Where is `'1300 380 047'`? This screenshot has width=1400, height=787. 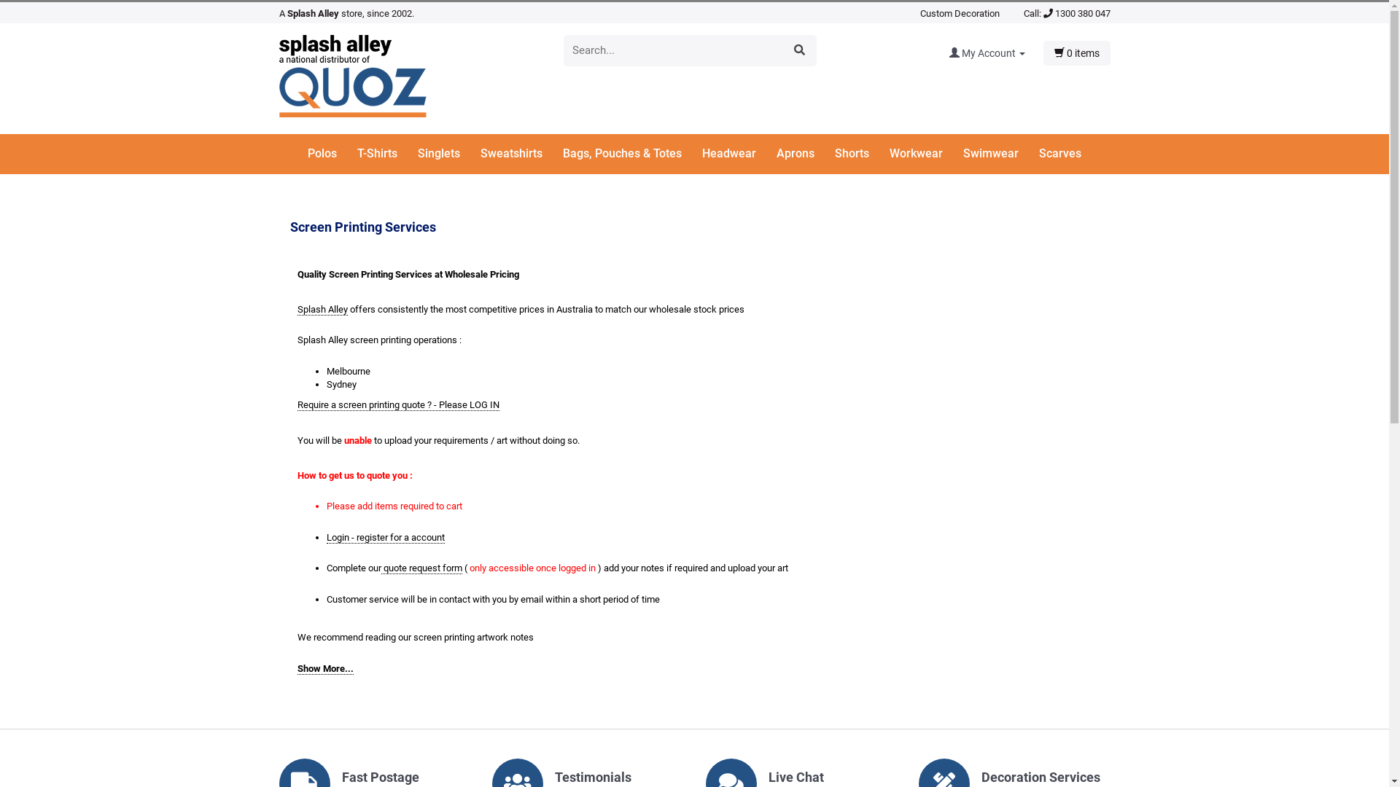
'1300 380 047' is located at coordinates (1076, 13).